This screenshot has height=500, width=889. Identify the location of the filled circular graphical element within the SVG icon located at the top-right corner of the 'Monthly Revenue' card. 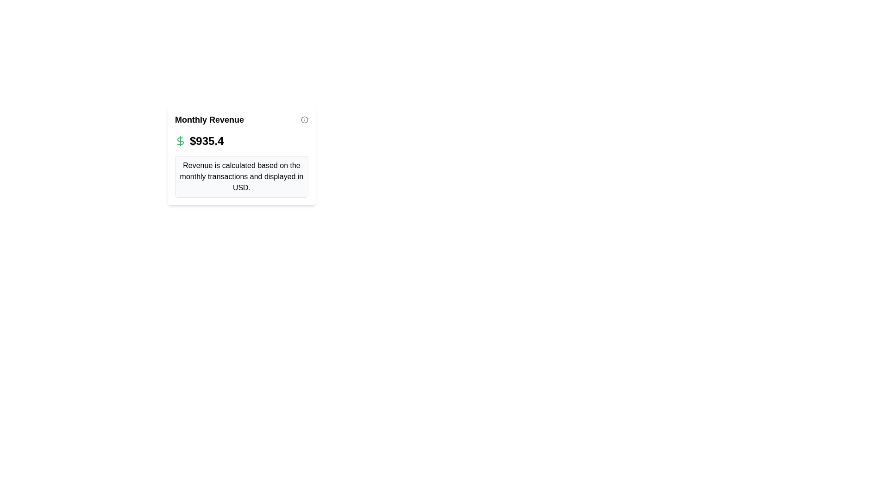
(304, 119).